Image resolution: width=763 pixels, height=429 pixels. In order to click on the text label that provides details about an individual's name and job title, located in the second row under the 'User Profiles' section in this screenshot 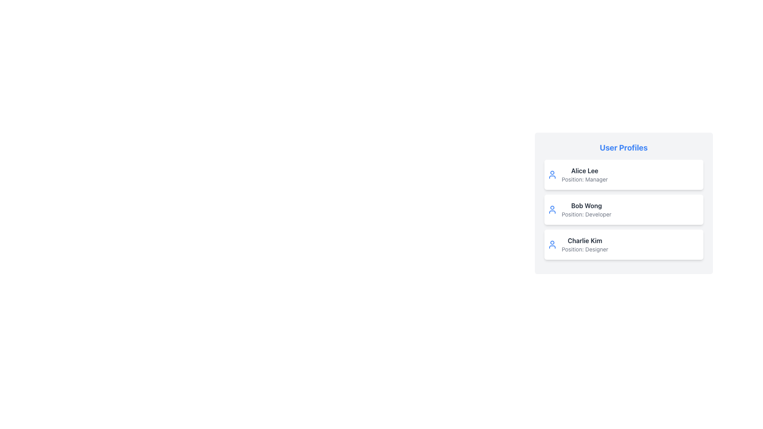, I will do `click(587, 209)`.